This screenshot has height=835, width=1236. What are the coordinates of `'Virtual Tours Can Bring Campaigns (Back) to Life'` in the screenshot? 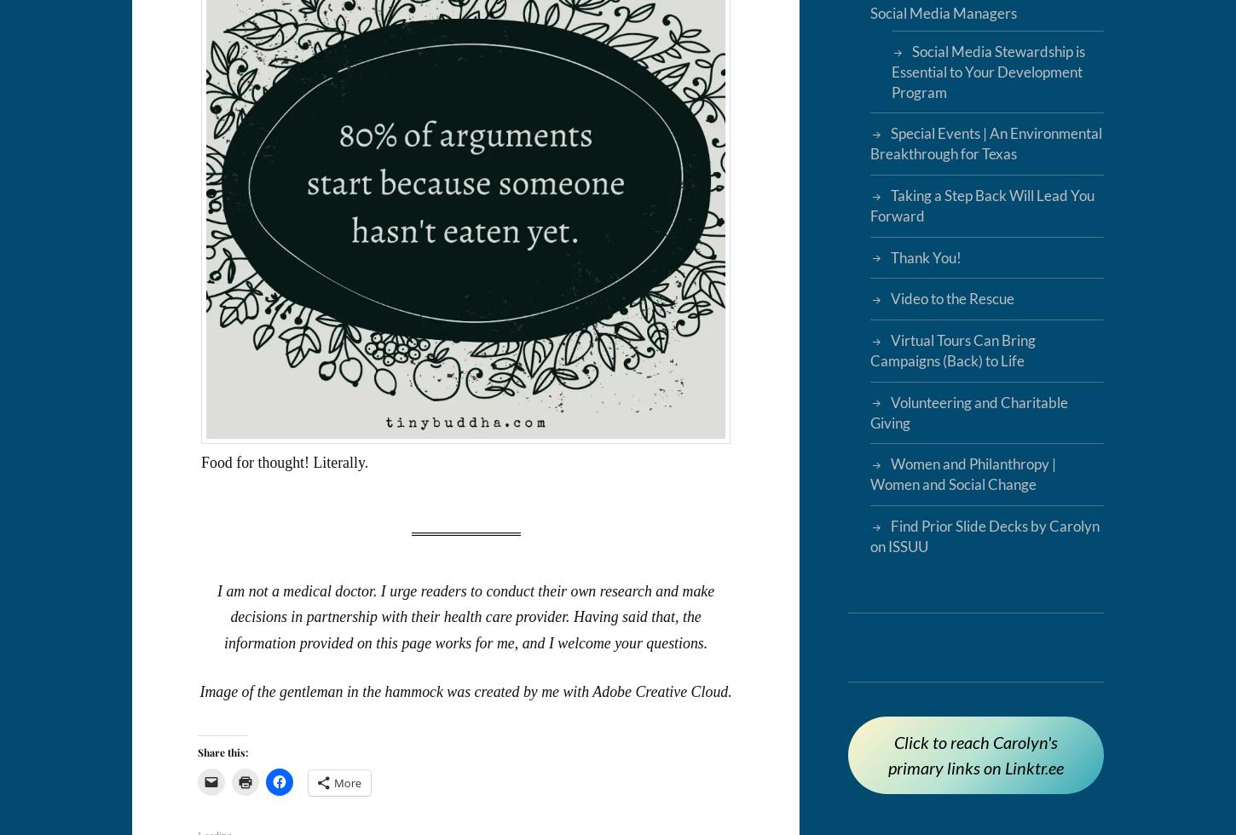 It's located at (950, 350).